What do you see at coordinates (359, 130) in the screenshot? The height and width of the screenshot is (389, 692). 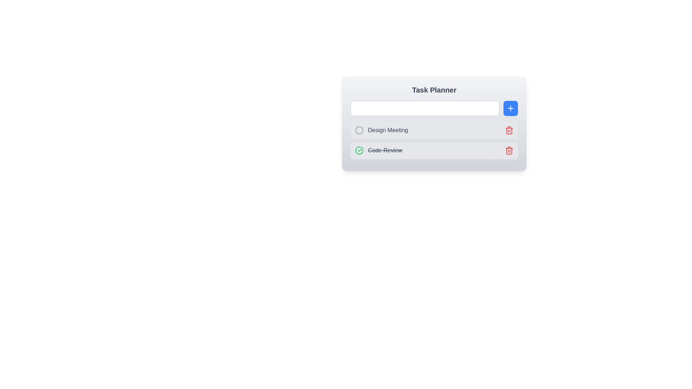 I see `the decorative SVG circle element associated with the 'Design Meeting' task in the task planner interface` at bounding box center [359, 130].